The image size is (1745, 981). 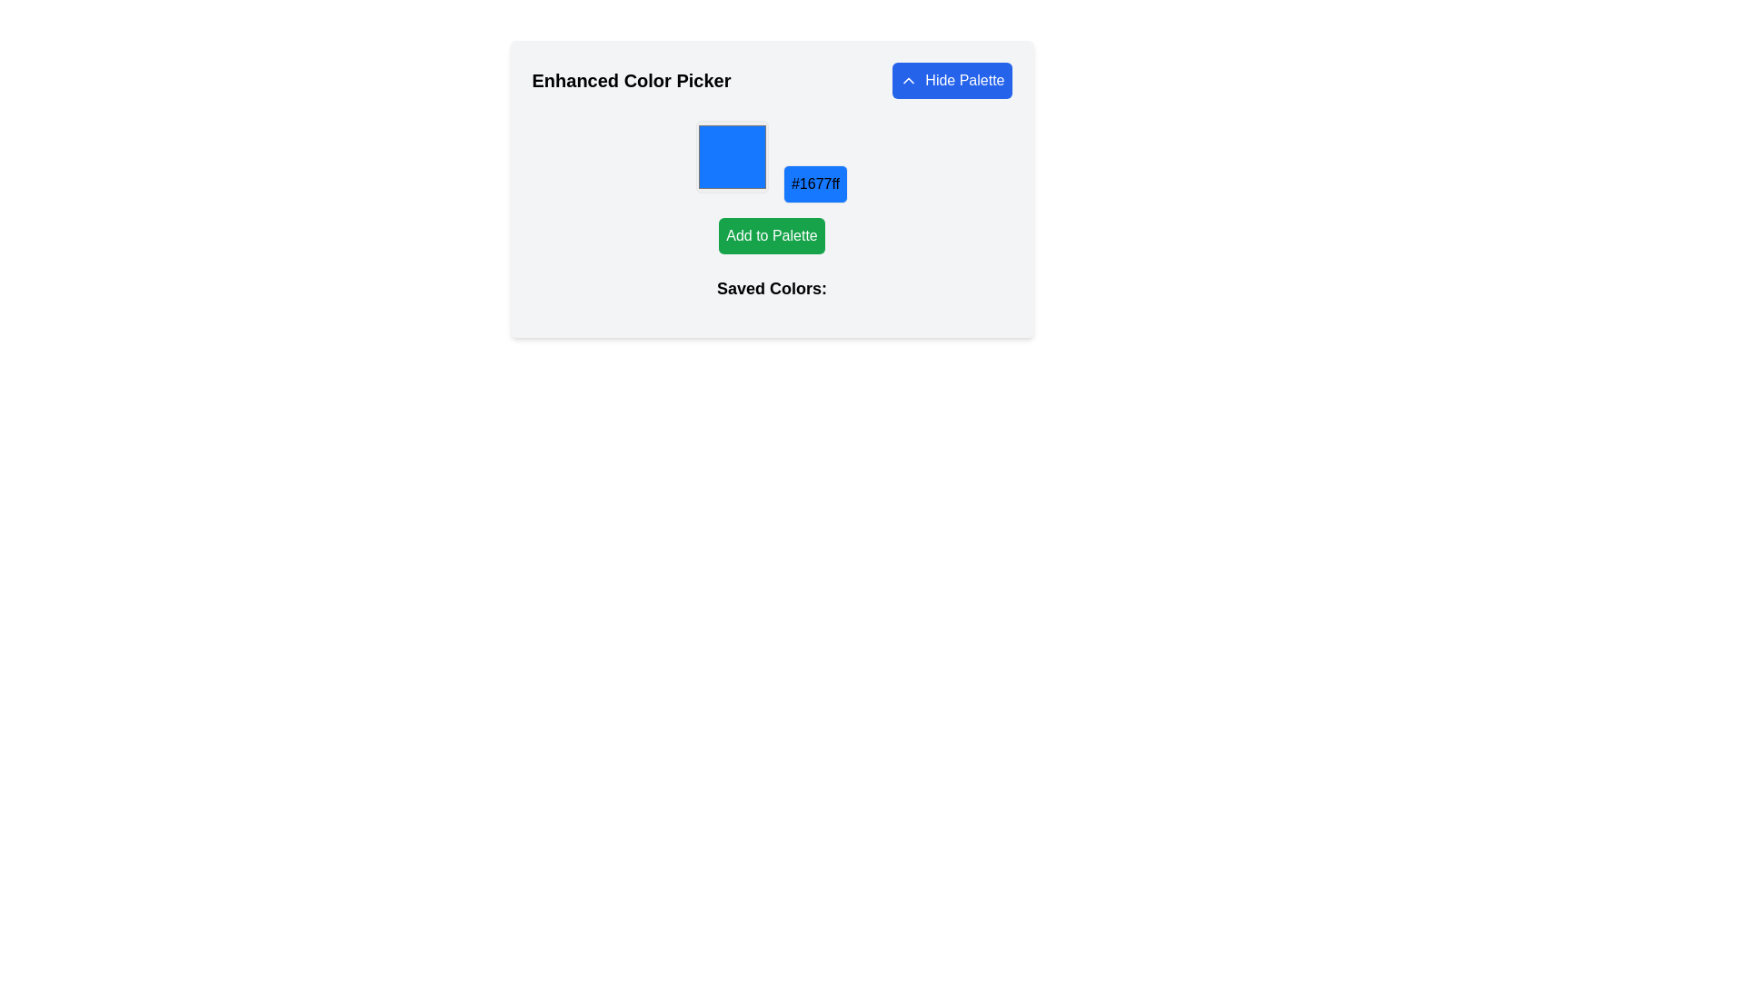 I want to click on the bold text label reading 'Saved Colors:' which is located beneath the 'Add to Palette' button, so click(x=772, y=295).